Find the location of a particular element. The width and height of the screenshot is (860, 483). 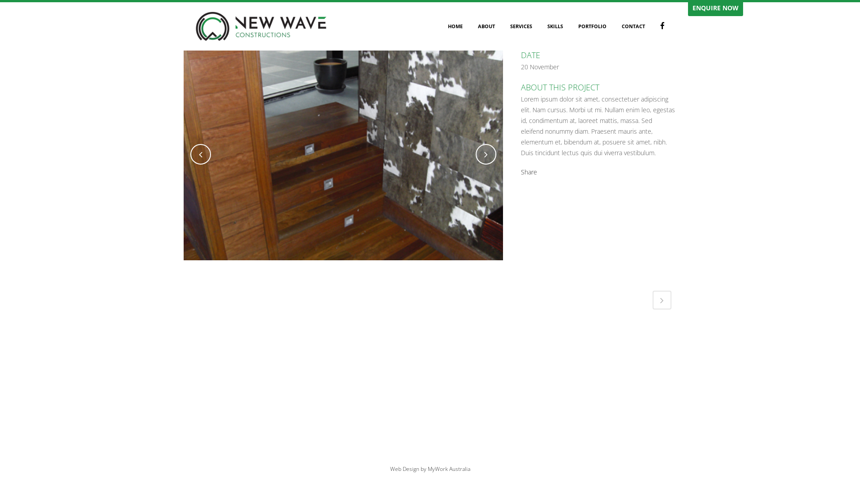

'ABOUT' is located at coordinates (470, 25).